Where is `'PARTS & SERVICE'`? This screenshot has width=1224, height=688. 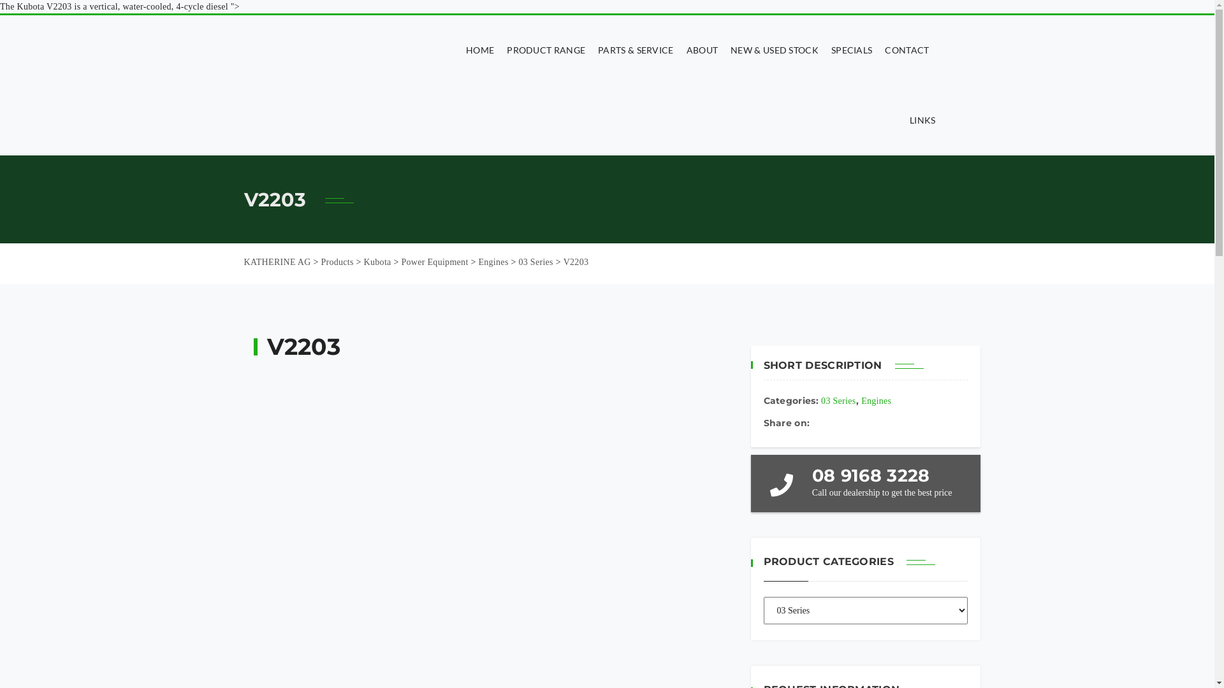 'PARTS & SERVICE' is located at coordinates (636, 49).